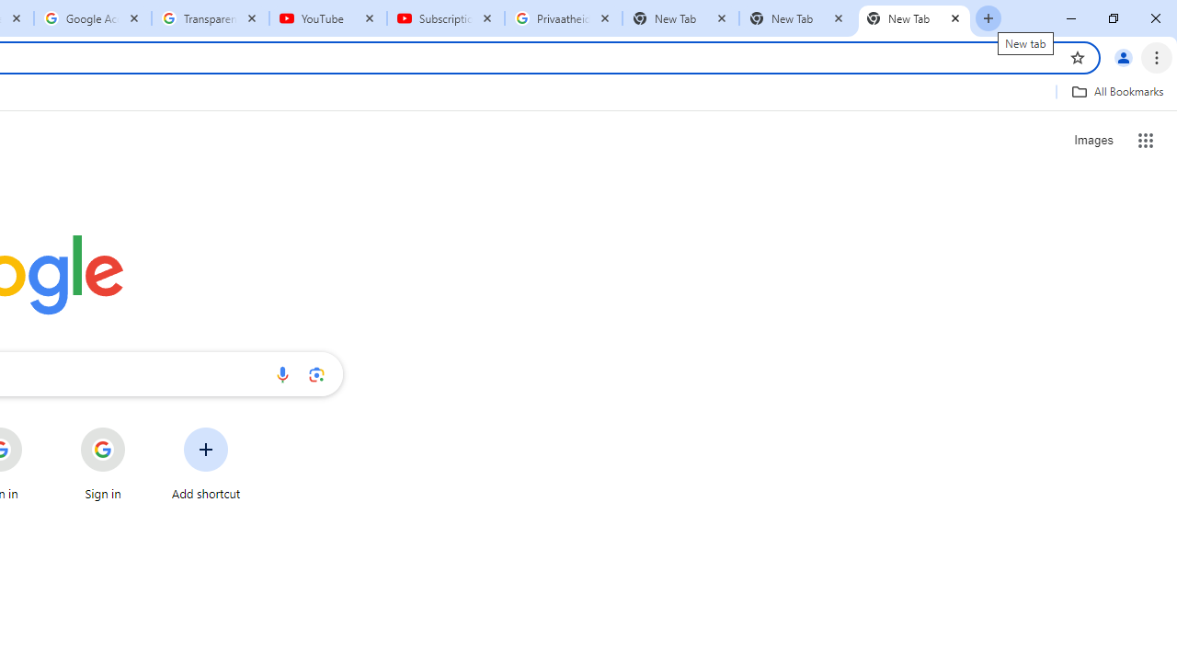  What do you see at coordinates (1093, 140) in the screenshot?
I see `'Search for Images '` at bounding box center [1093, 140].